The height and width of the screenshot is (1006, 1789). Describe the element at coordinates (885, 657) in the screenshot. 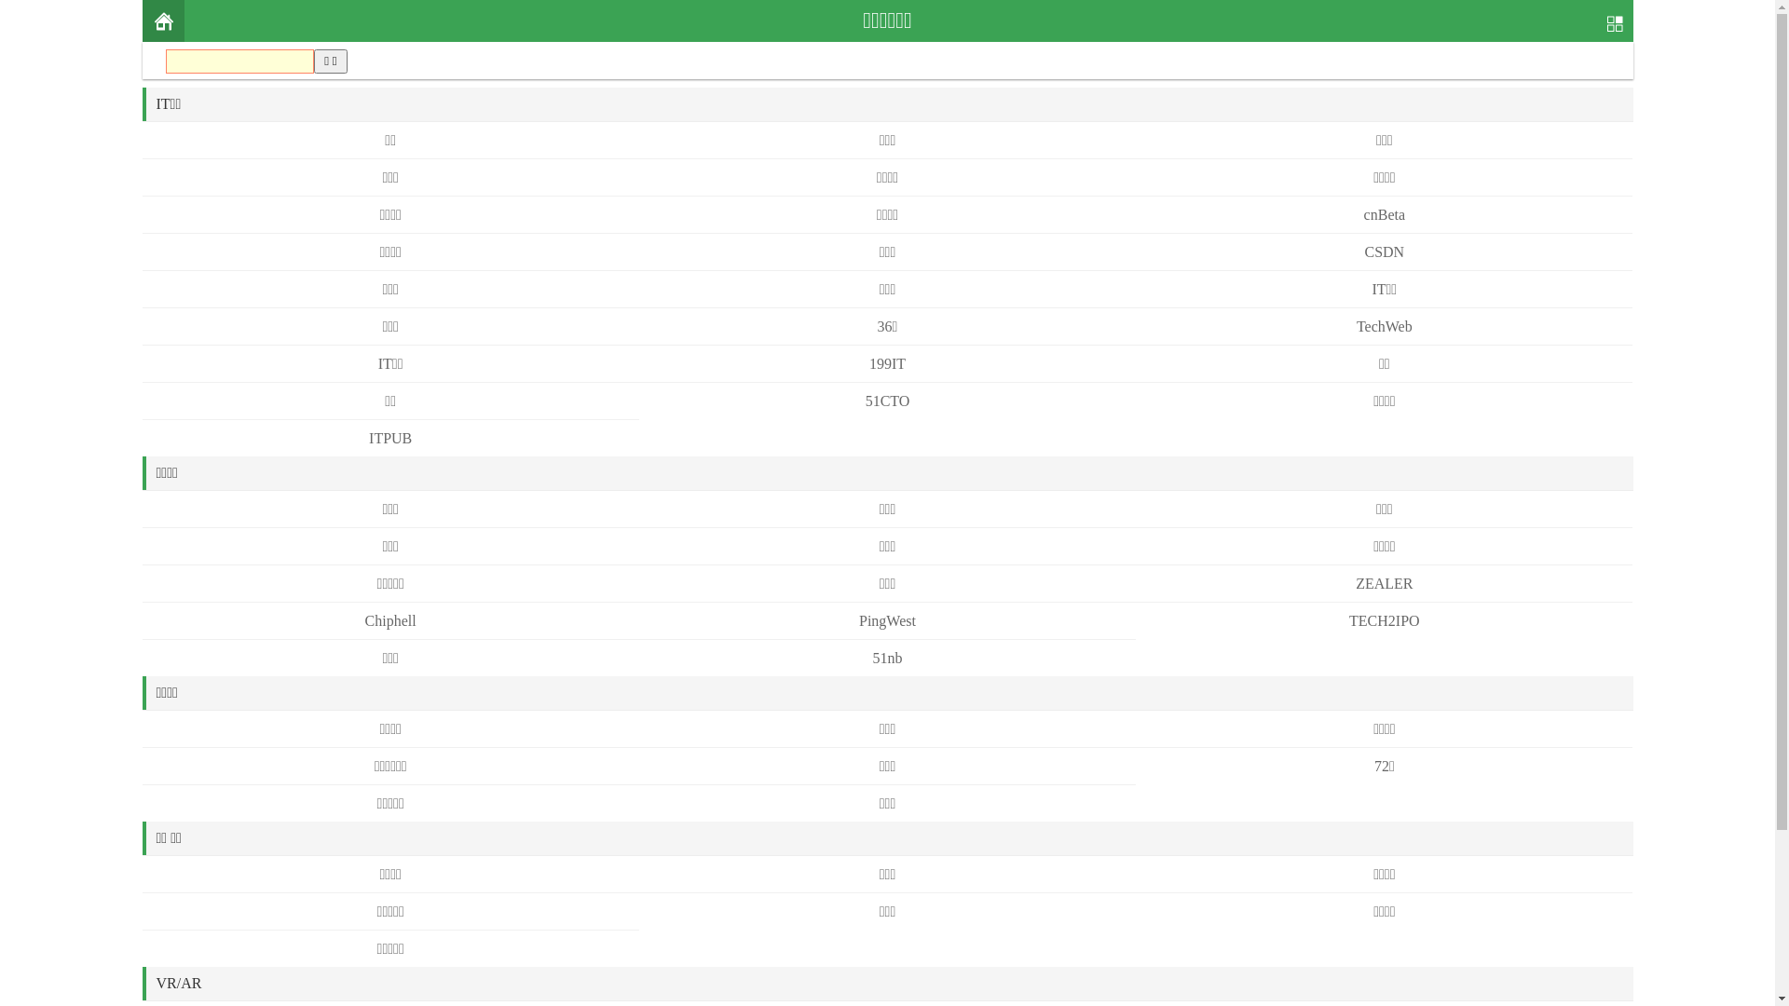

I see `'51nb'` at that location.